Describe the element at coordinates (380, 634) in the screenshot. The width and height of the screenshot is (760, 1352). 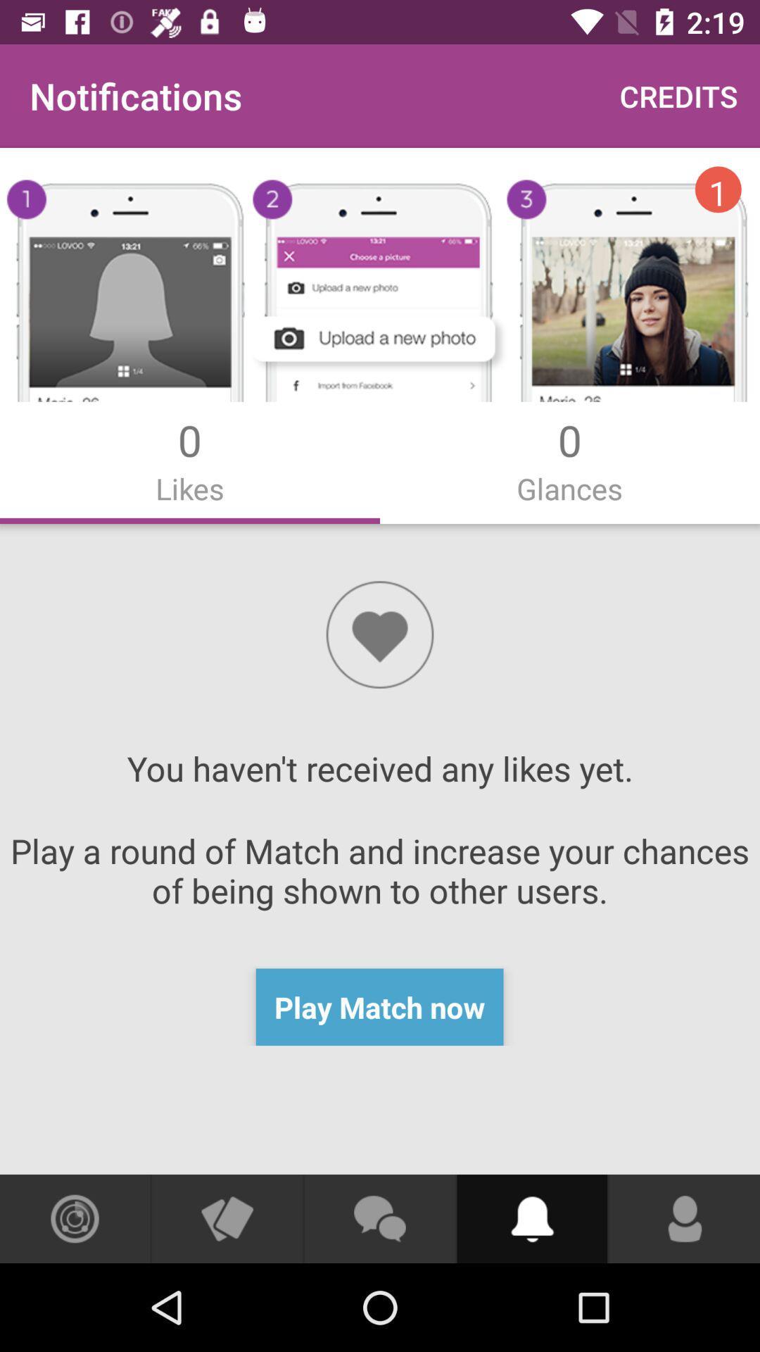
I see `the heart symbol` at that location.